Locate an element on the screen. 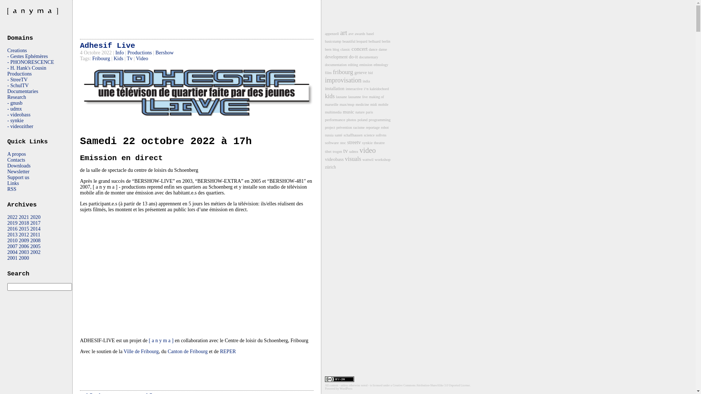 Image resolution: width=701 pixels, height=394 pixels. 'danse' is located at coordinates (382, 49).